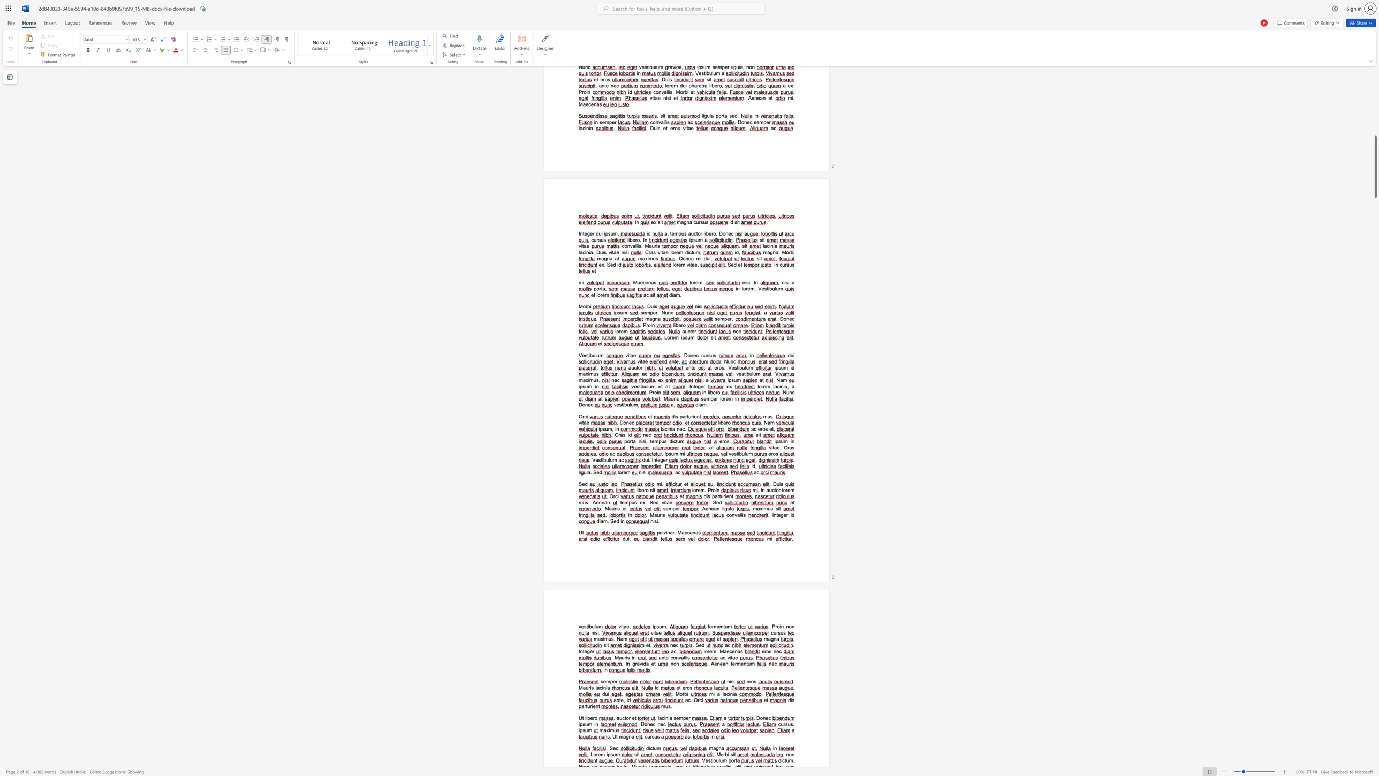 This screenshot has width=1379, height=776. Describe the element at coordinates (587, 687) in the screenshot. I see `the 1th character "u" in the text` at that location.